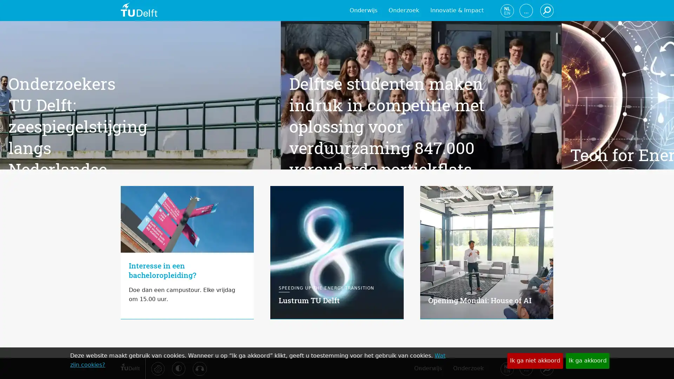 This screenshot has height=379, width=674. What do you see at coordinates (546, 368) in the screenshot?
I see `Zoeken` at bounding box center [546, 368].